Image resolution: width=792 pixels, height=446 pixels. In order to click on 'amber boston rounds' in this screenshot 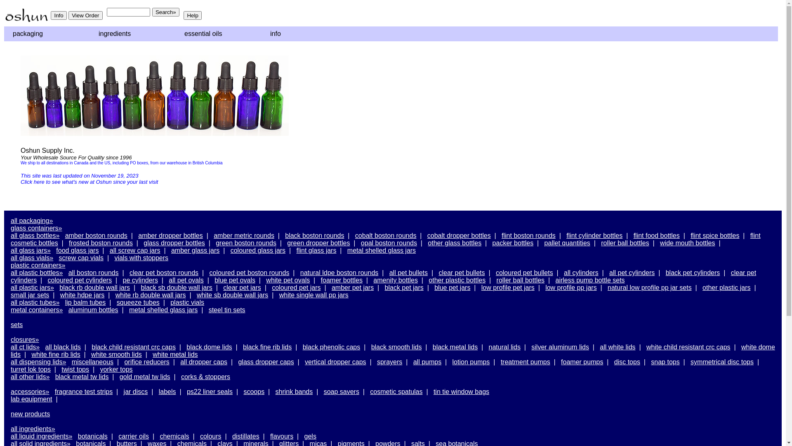, I will do `click(96, 235)`.